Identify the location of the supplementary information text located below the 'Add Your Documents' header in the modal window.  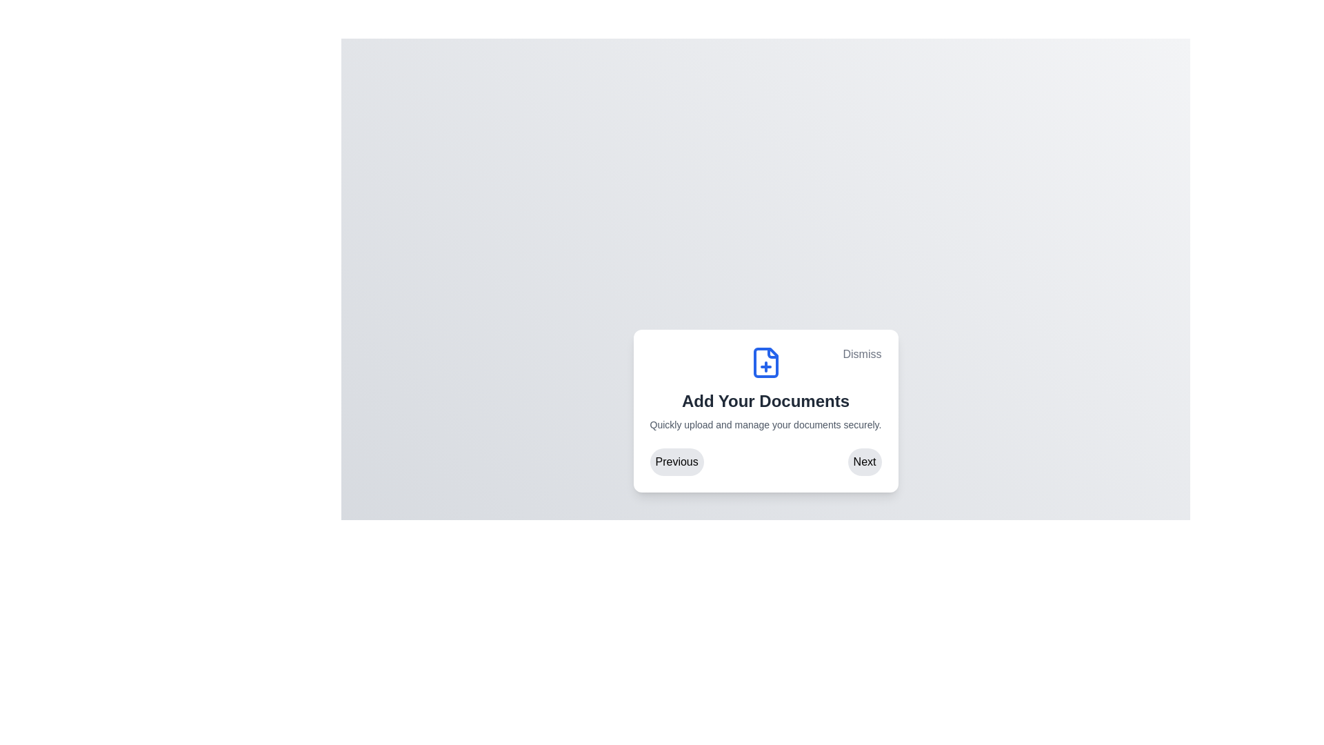
(765, 424).